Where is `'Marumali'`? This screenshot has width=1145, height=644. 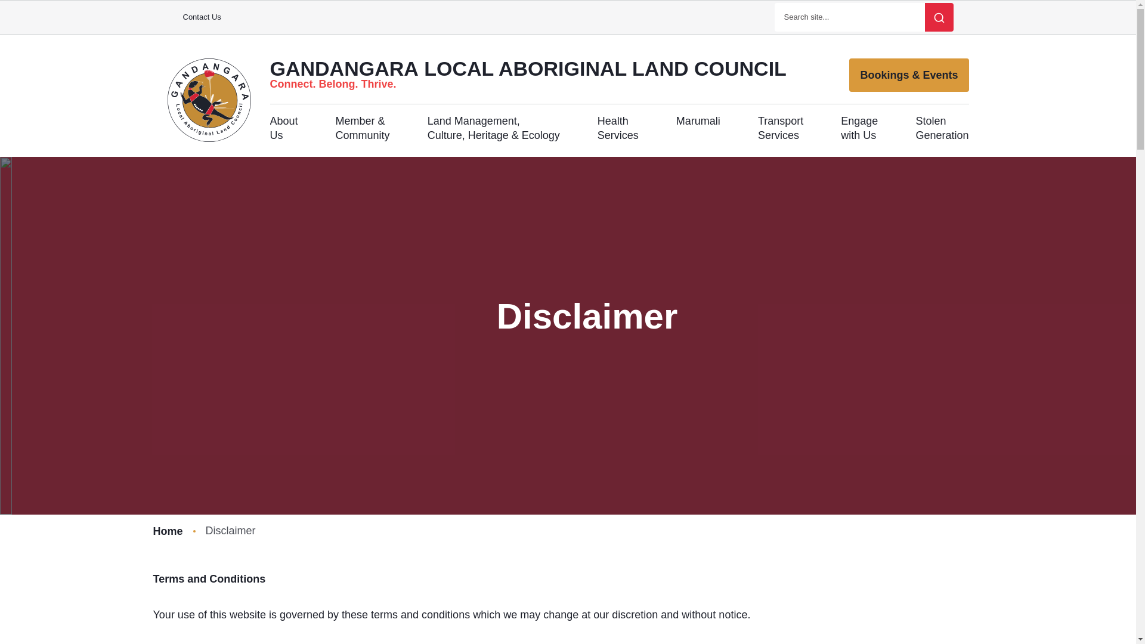 'Marumali' is located at coordinates (698, 128).